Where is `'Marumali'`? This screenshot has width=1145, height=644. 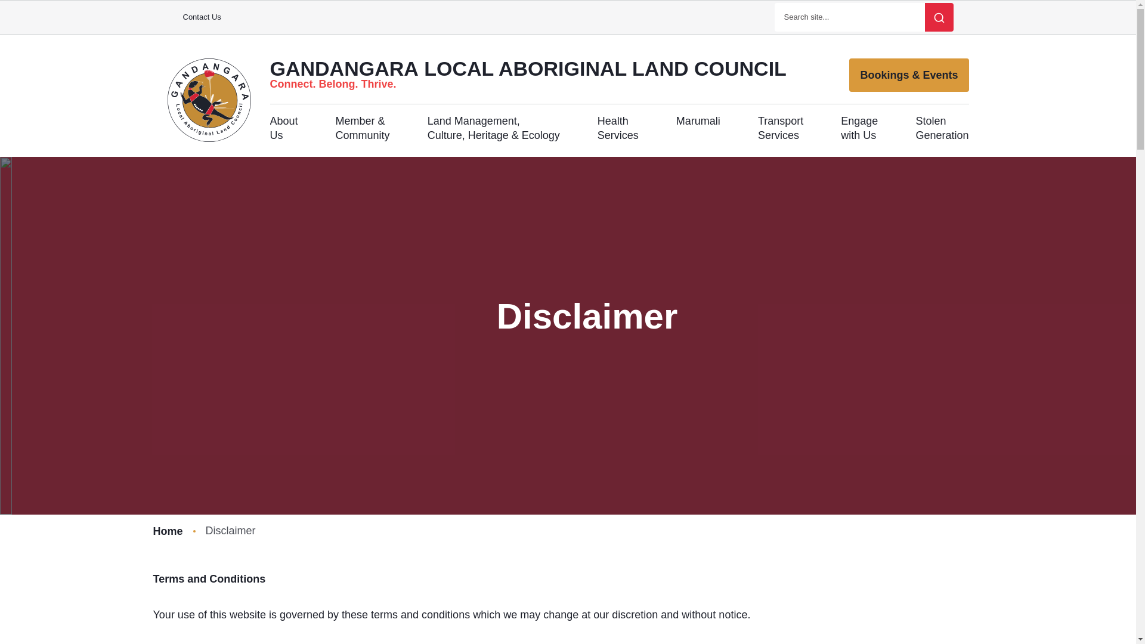 'Marumali' is located at coordinates (698, 128).